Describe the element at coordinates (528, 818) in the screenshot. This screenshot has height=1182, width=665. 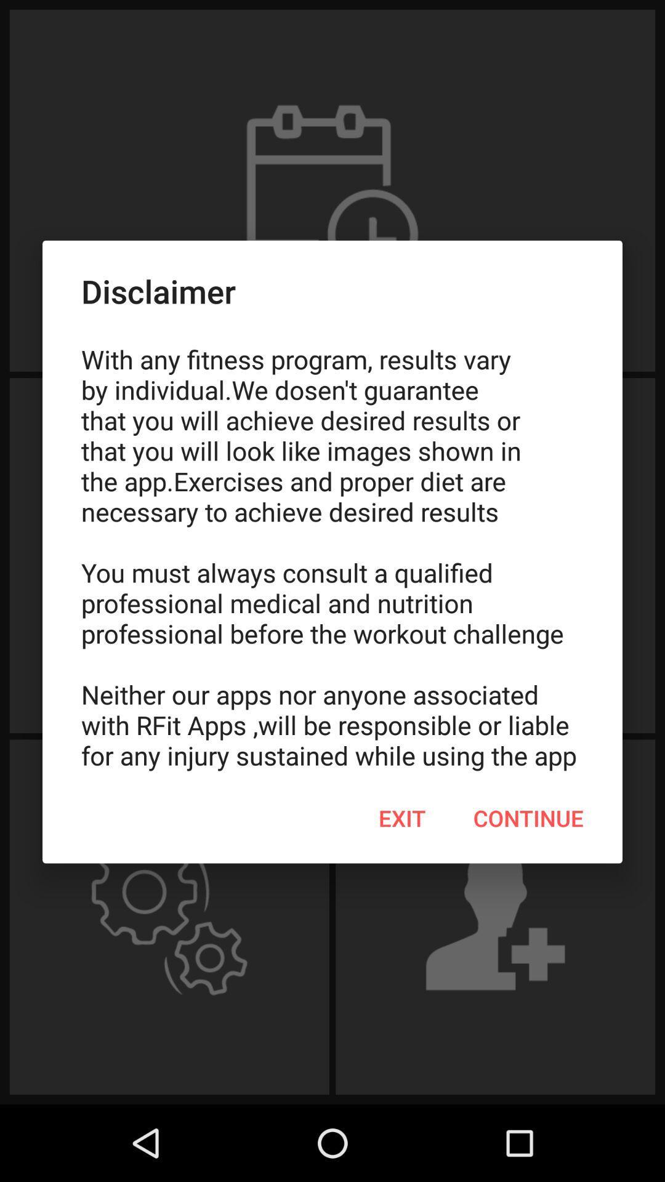
I see `continue at the bottom right corner` at that location.